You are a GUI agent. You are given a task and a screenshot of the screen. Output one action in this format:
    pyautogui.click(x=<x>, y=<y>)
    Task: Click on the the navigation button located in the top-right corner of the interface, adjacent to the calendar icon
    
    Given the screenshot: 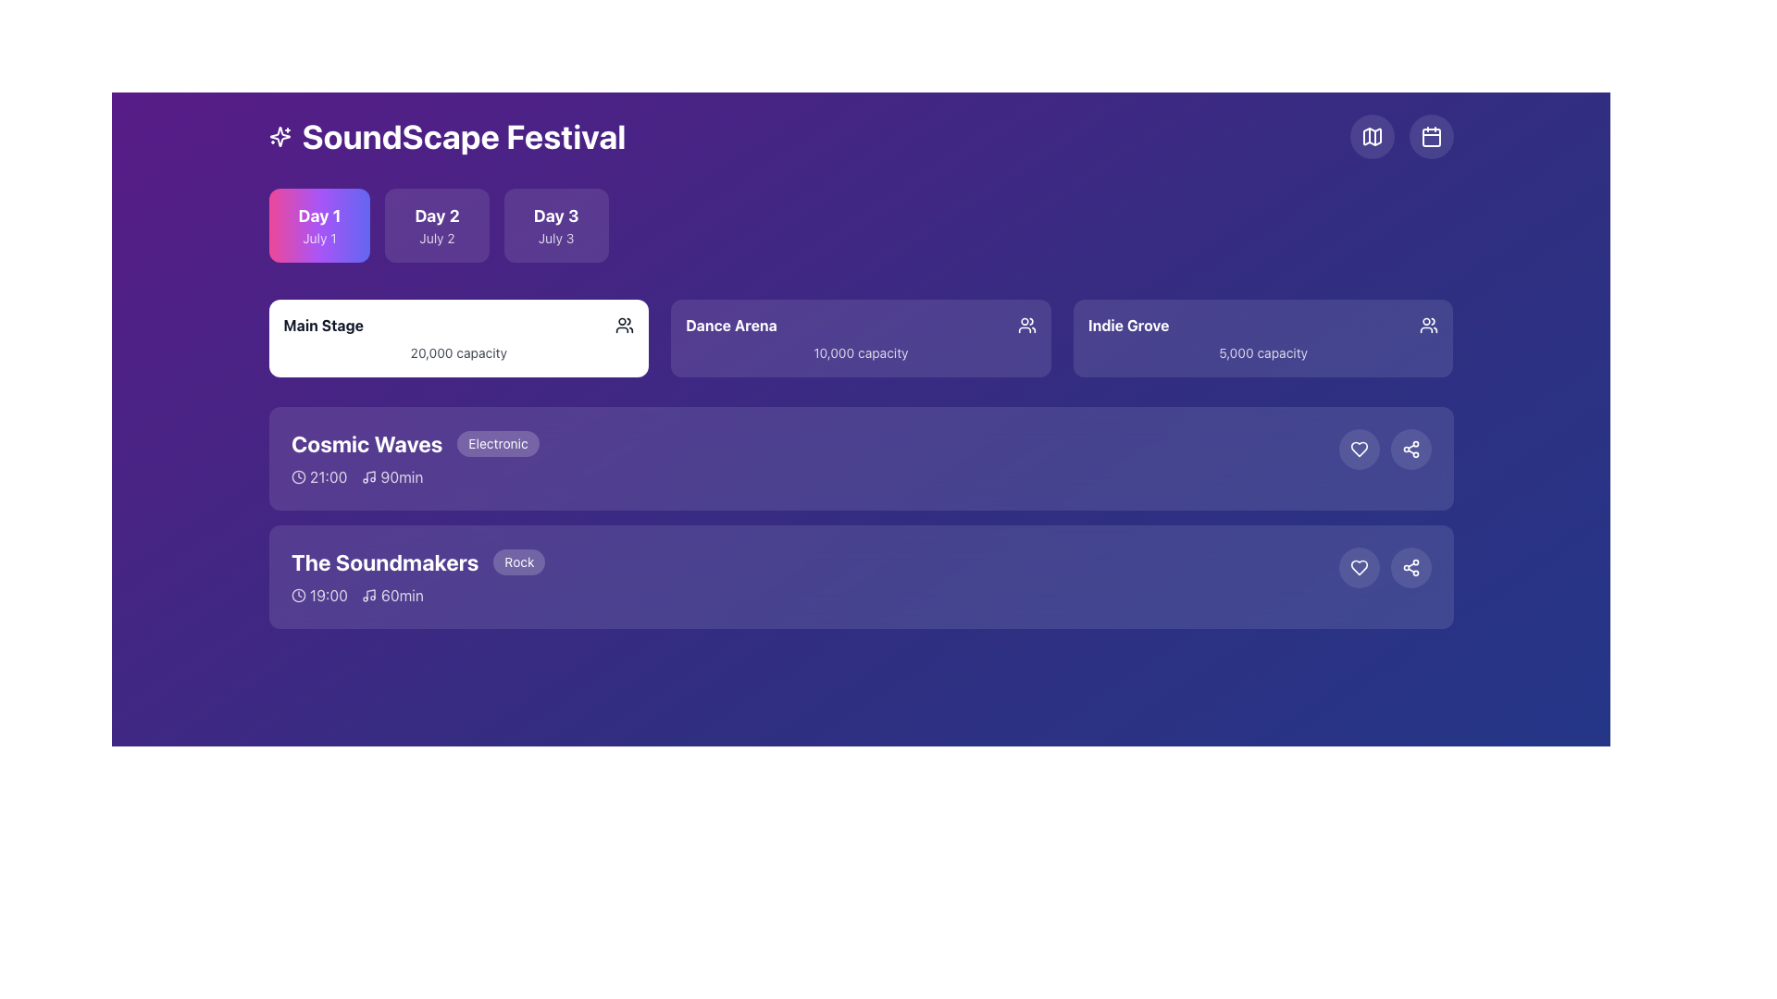 What is the action you would take?
    pyautogui.click(x=1372, y=135)
    